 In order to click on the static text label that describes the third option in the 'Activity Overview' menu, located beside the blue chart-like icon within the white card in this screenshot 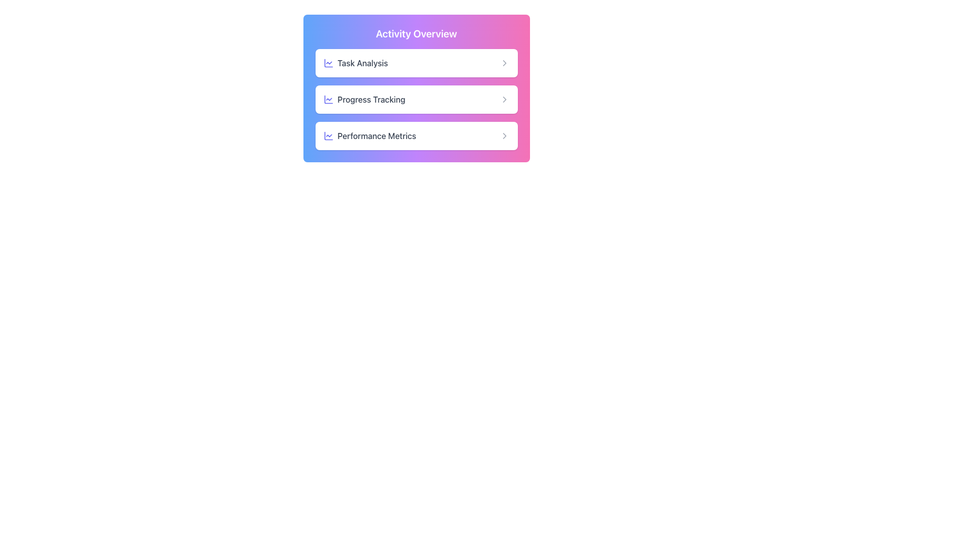, I will do `click(369, 135)`.